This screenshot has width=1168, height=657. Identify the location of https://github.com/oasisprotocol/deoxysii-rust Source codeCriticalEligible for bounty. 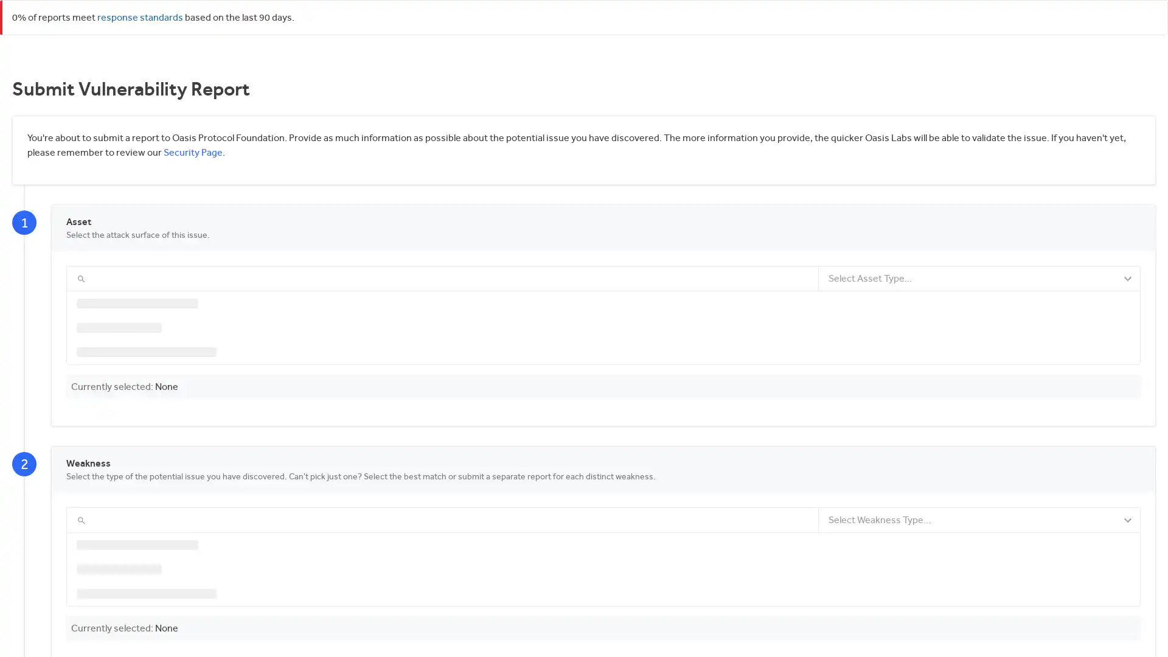
(603, 375).